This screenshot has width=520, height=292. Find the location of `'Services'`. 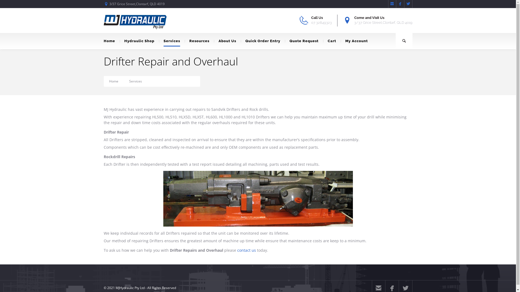

'Services' is located at coordinates (171, 41).